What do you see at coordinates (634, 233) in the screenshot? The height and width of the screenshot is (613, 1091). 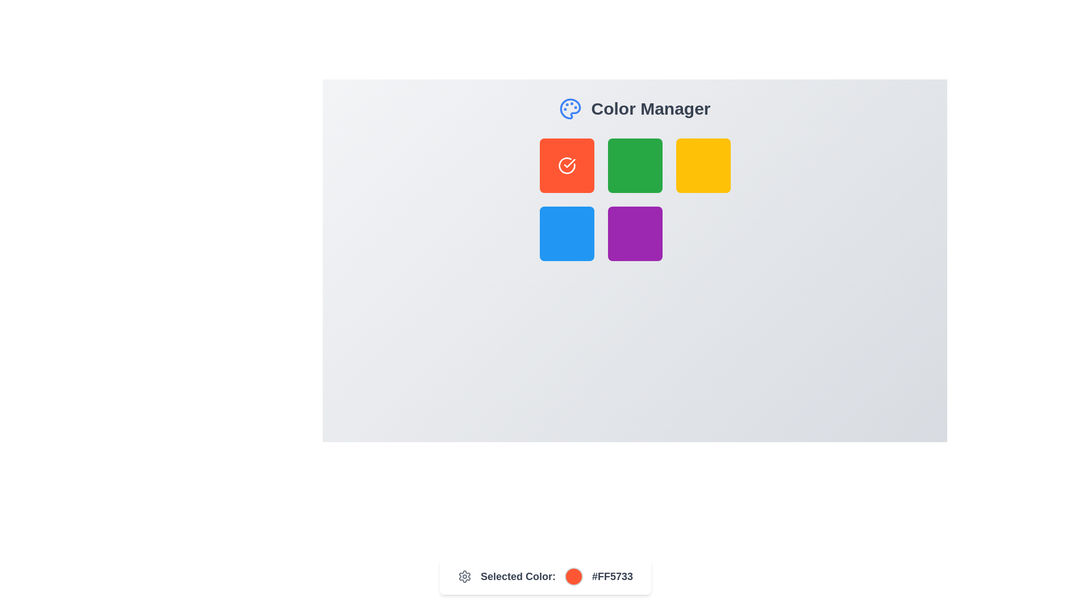 I see `the purple rounded square element in the bottom row of the grid layout` at bounding box center [634, 233].